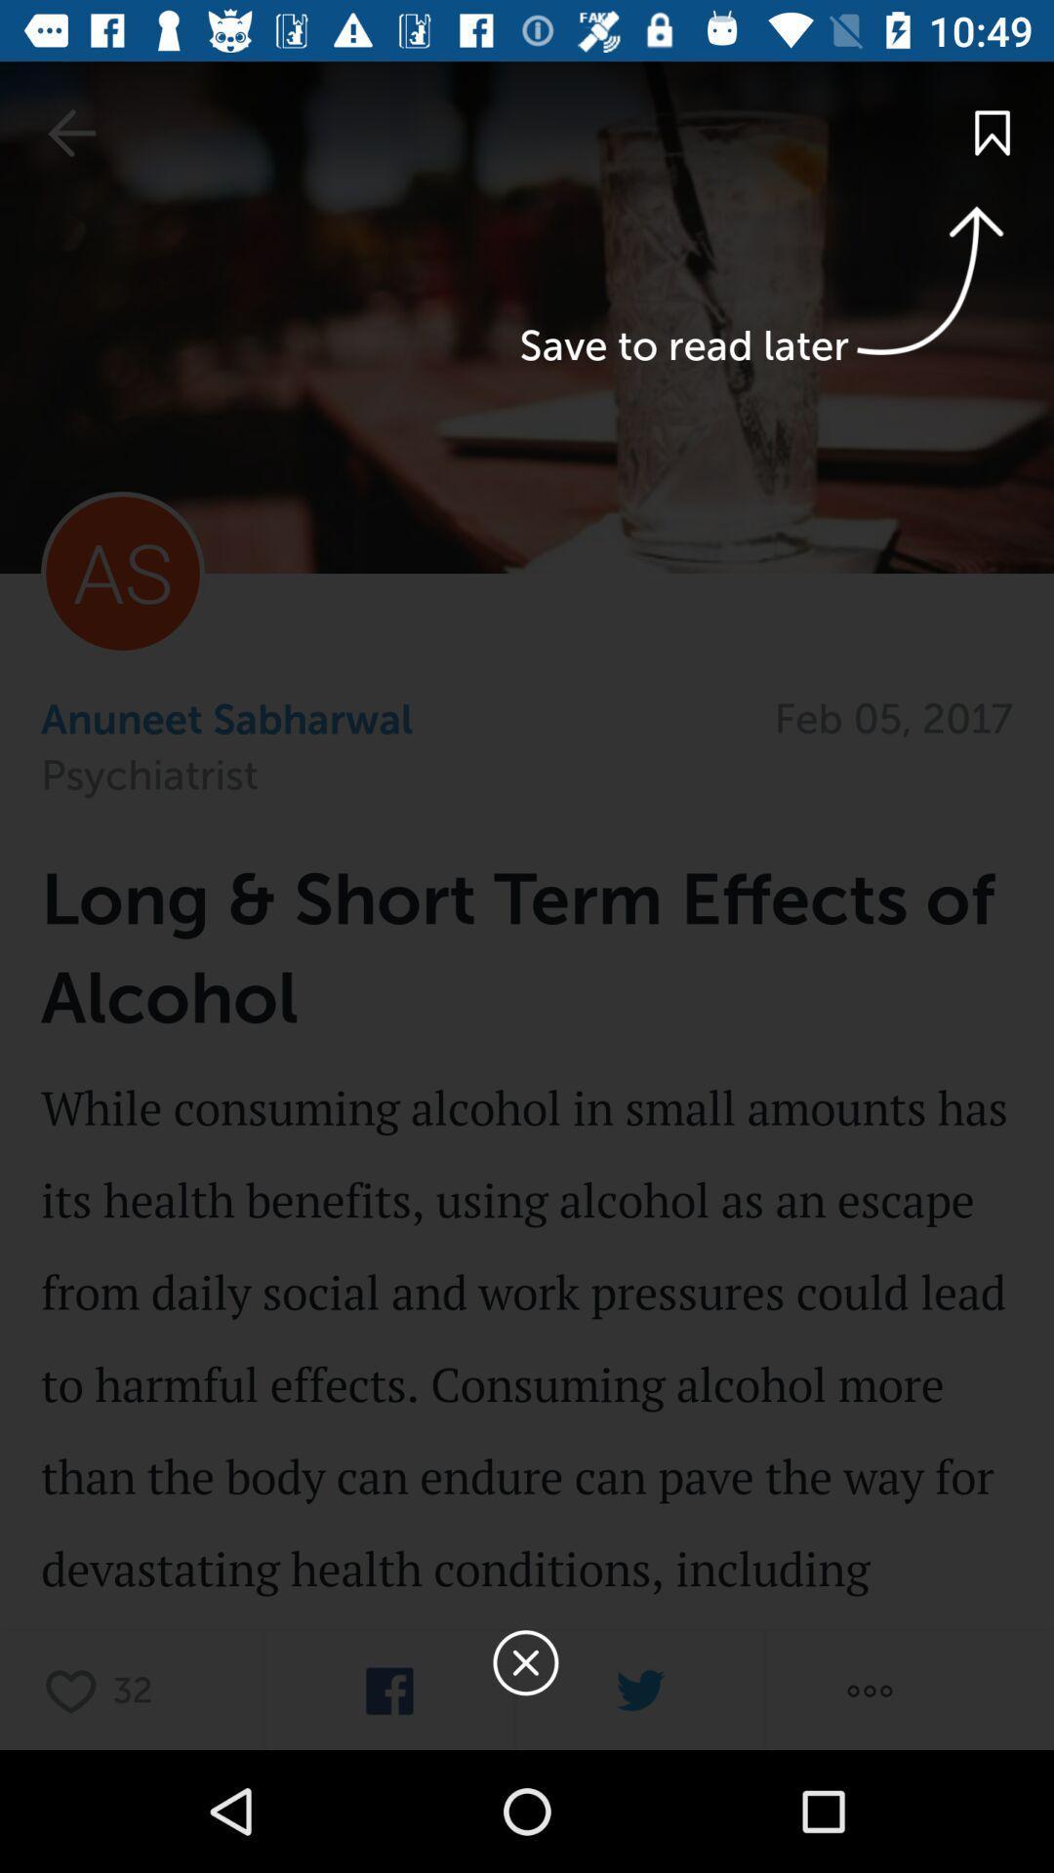 This screenshot has height=1873, width=1054. What do you see at coordinates (639, 1690) in the screenshot?
I see `send to twitter` at bounding box center [639, 1690].